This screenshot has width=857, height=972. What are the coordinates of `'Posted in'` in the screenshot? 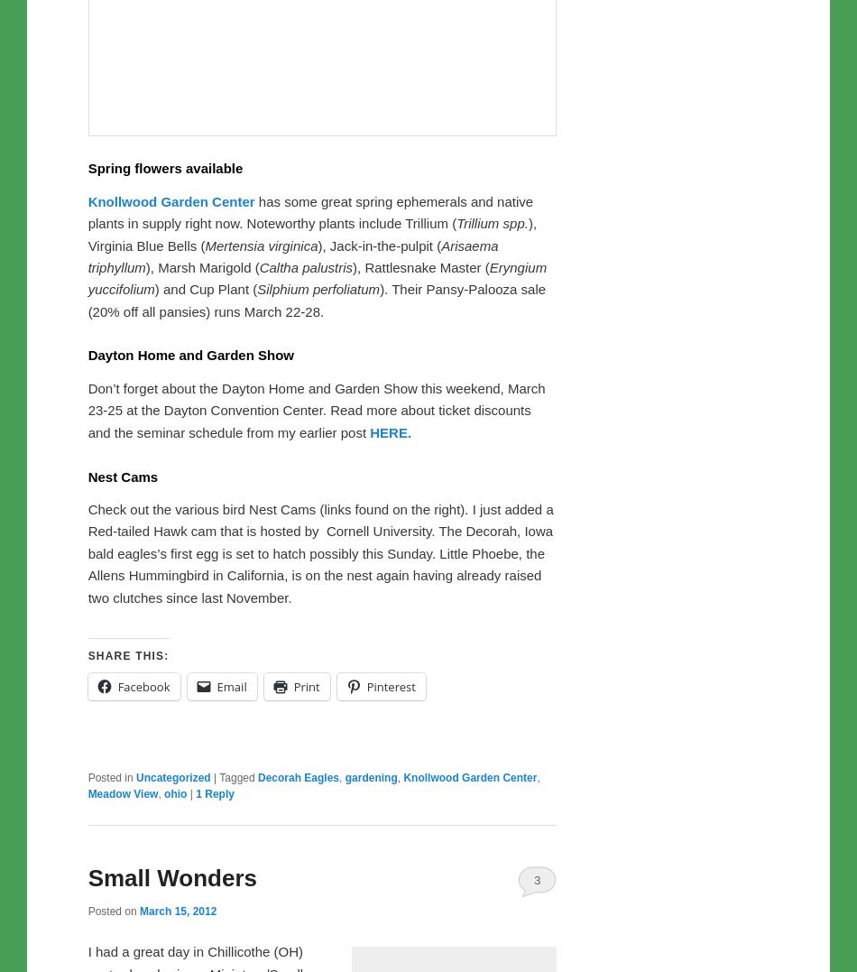 It's located at (109, 777).